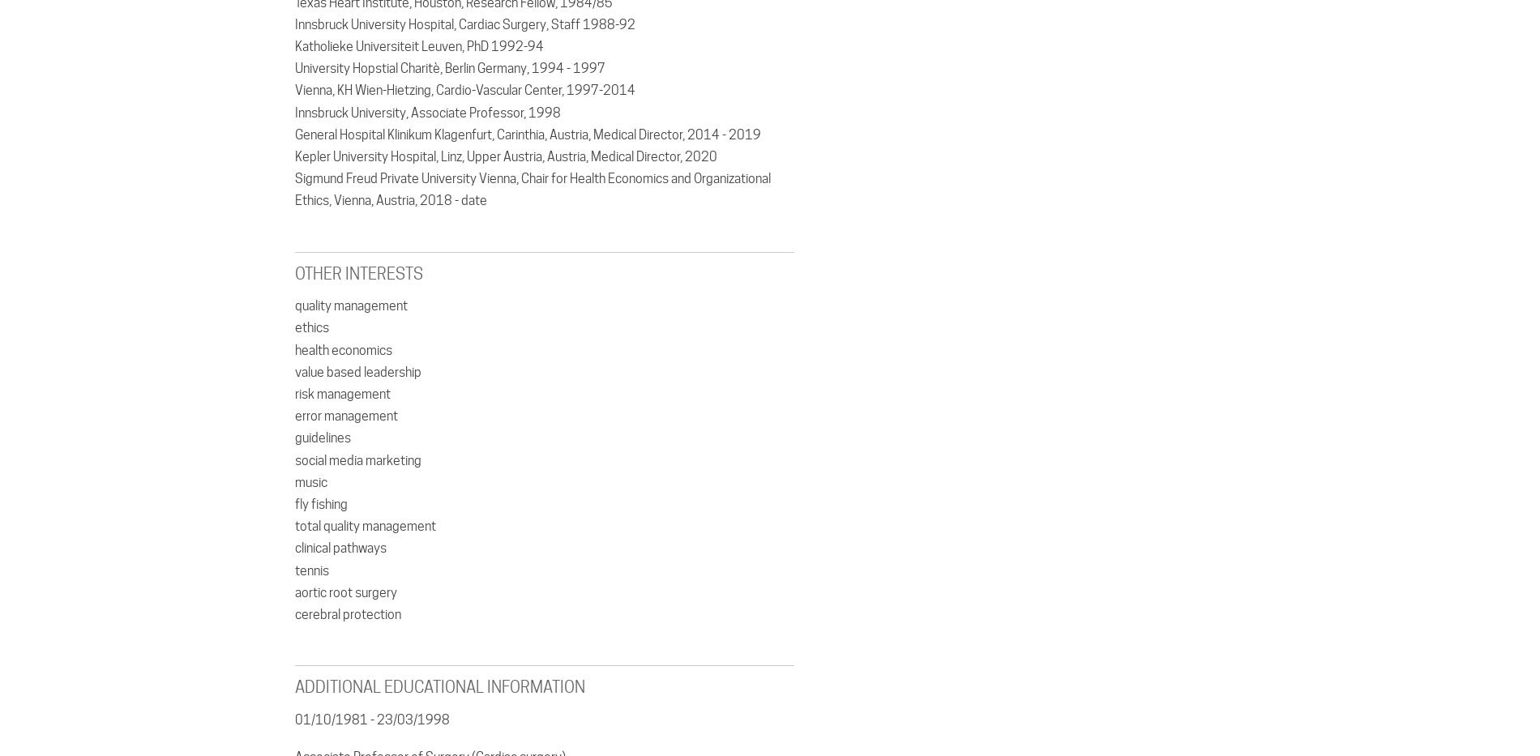 This screenshot has height=756, width=1540. What do you see at coordinates (357, 459) in the screenshot?
I see `'social media marketing'` at bounding box center [357, 459].